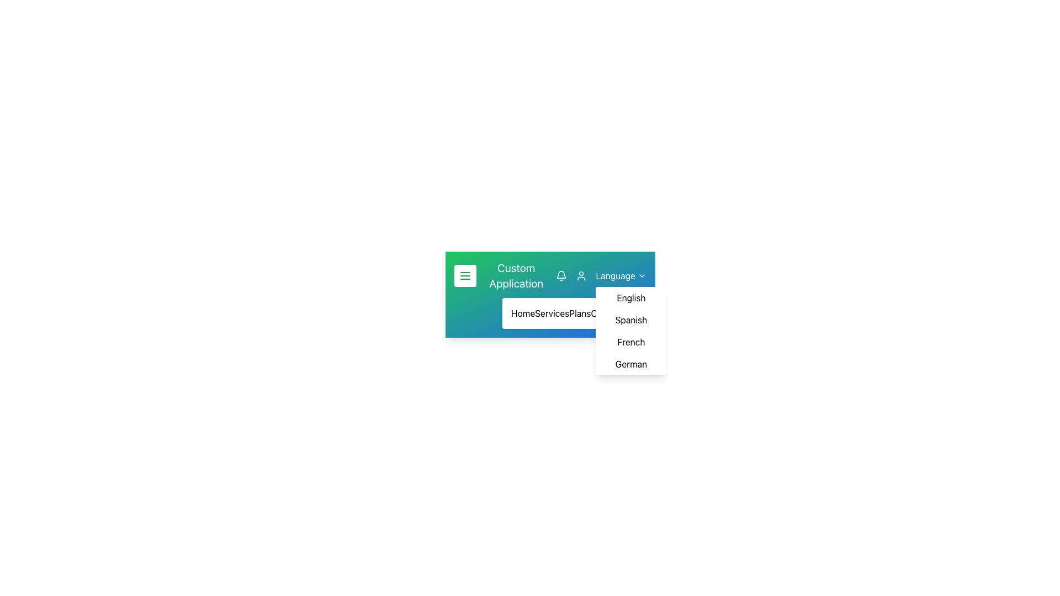  Describe the element at coordinates (550, 313) in the screenshot. I see `the Text-based Navigation Bar located below the 'Custom Application' and 'Language' options` at that location.